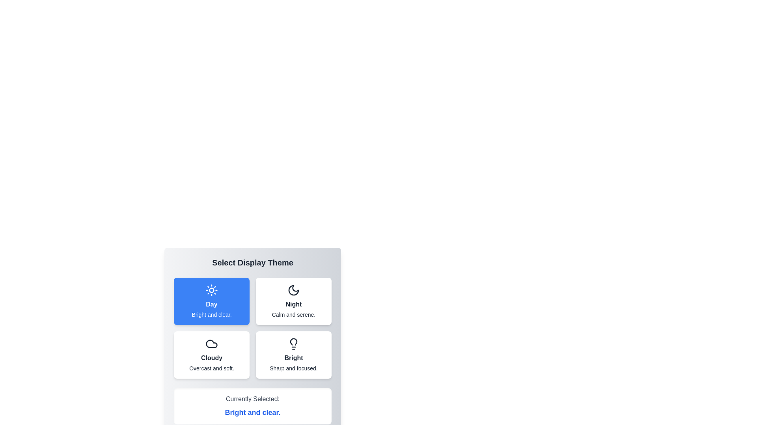 This screenshot has width=757, height=426. I want to click on the button corresponding to the Bright theme, so click(293, 354).